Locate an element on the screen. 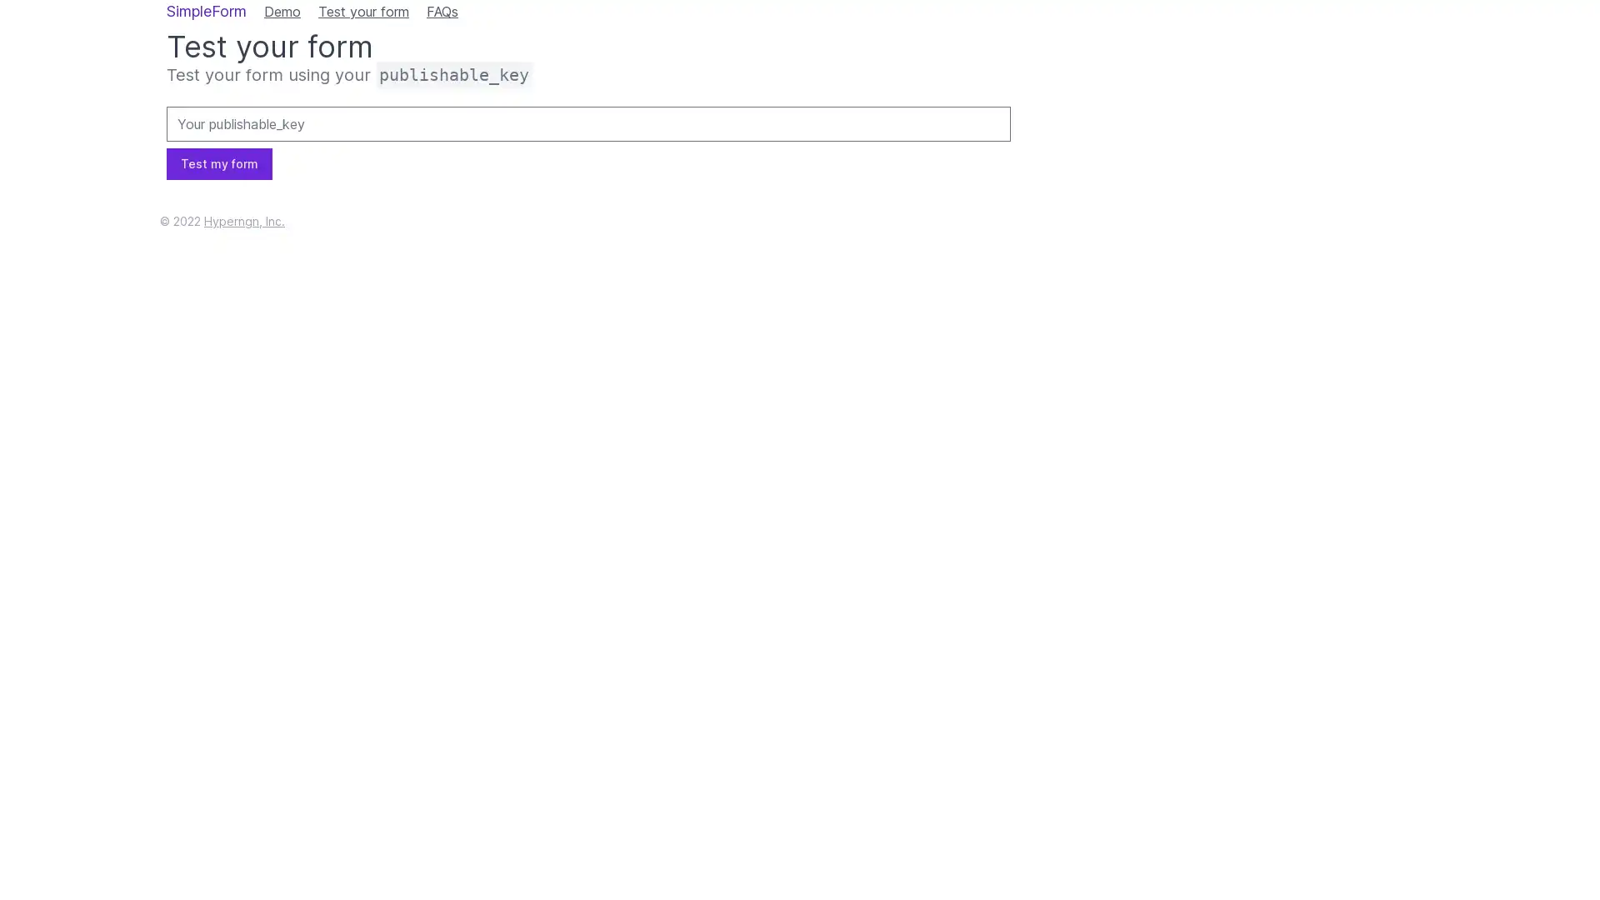 This screenshot has width=1600, height=900. Test my form is located at coordinates (218, 163).